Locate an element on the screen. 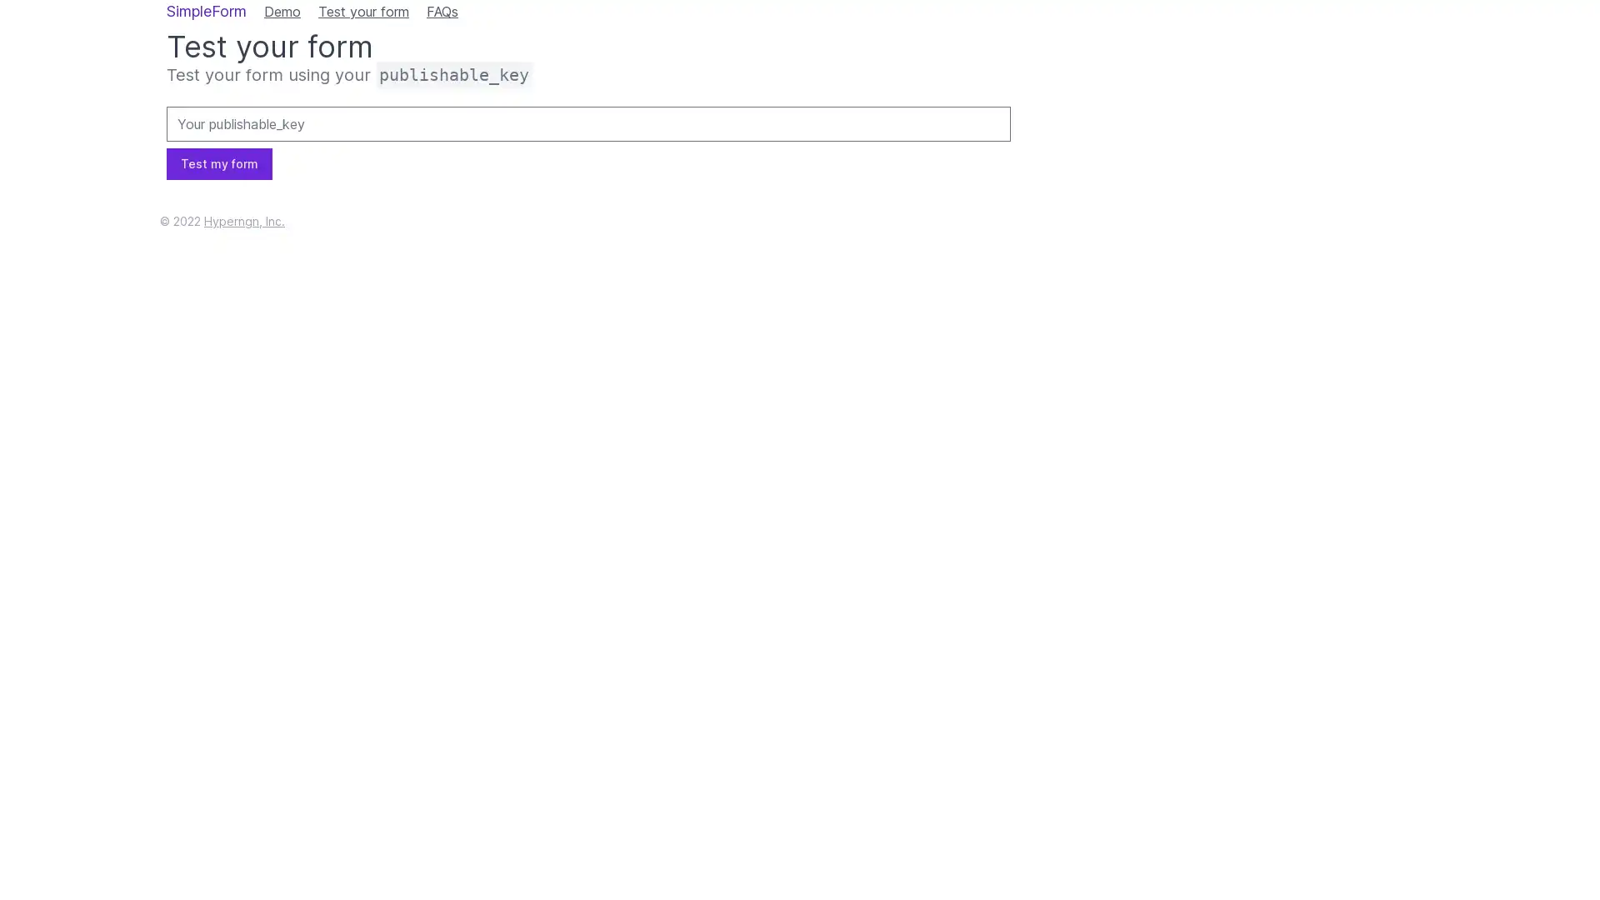 This screenshot has width=1600, height=900. Test my form is located at coordinates (218, 163).